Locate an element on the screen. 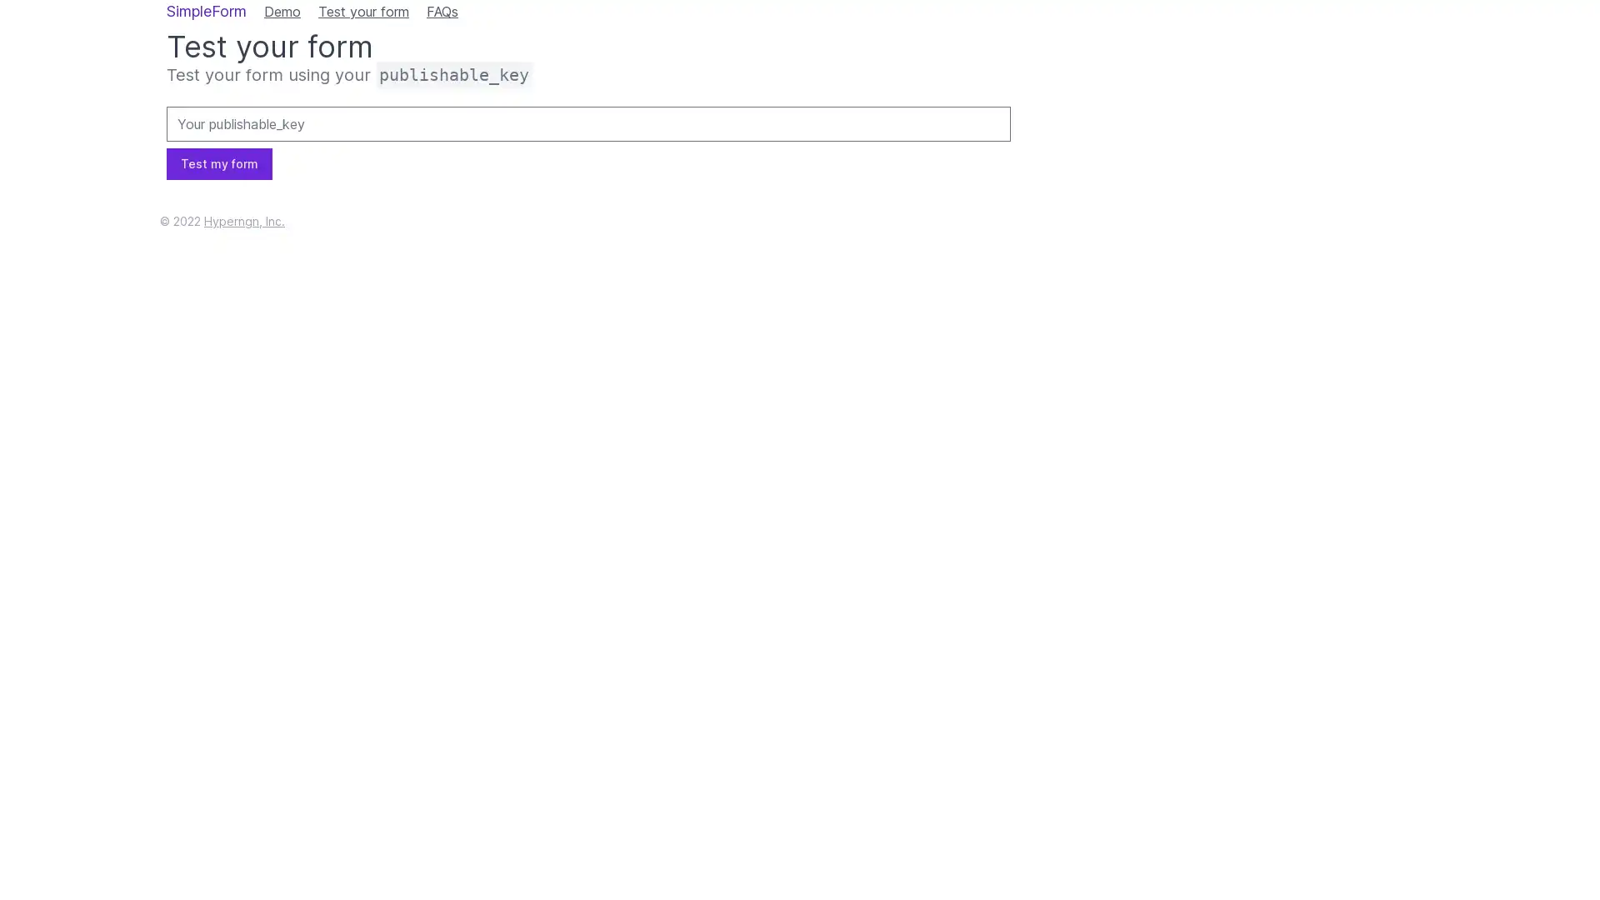 This screenshot has width=1600, height=900. Test my form is located at coordinates (218, 163).